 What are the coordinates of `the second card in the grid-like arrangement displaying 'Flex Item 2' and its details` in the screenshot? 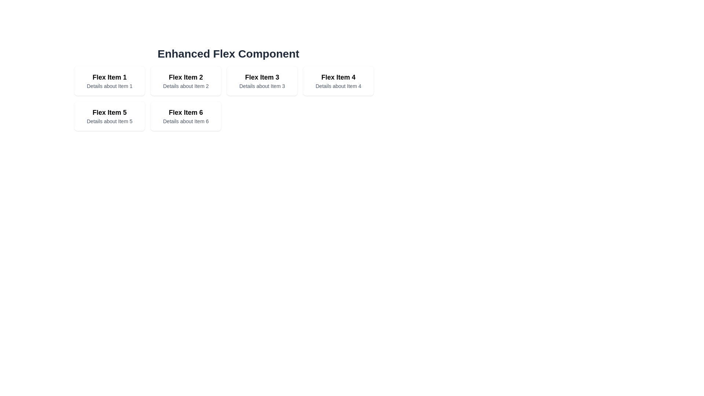 It's located at (186, 81).